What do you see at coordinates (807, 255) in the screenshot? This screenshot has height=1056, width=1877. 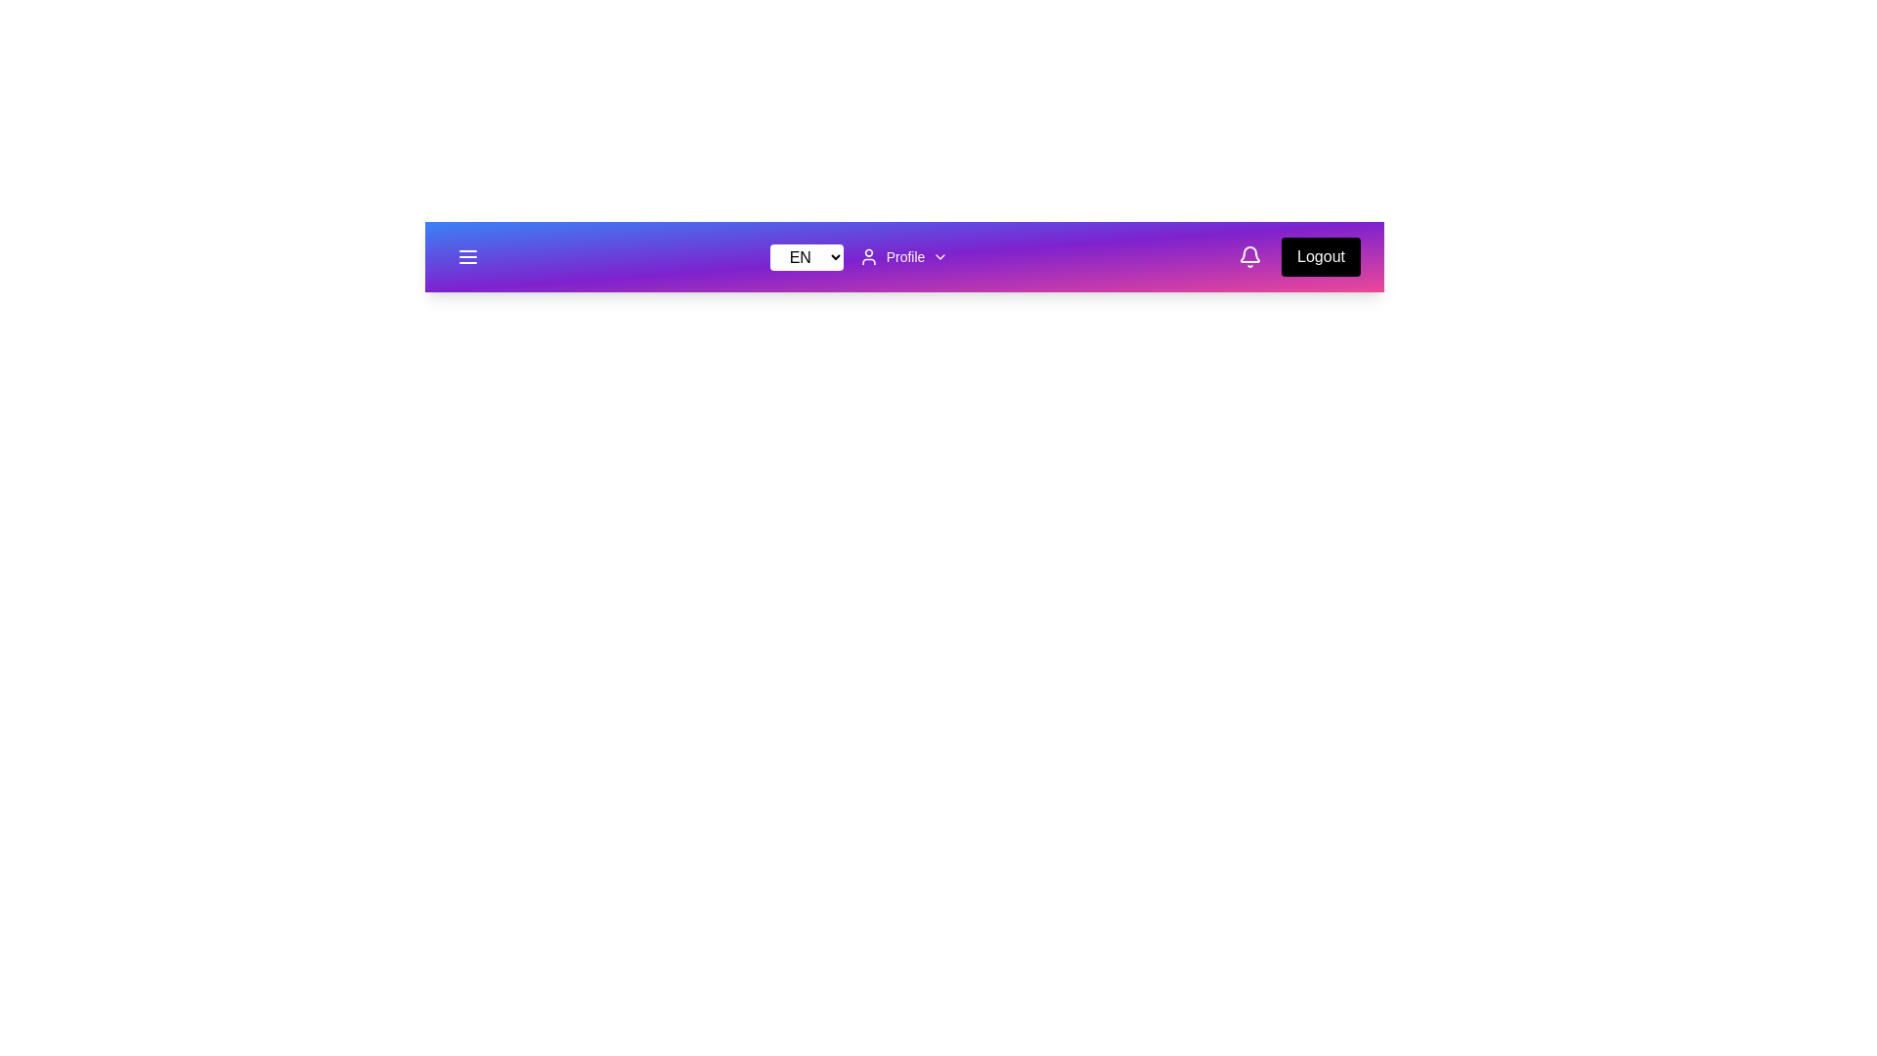 I see `the language option ES from the dropdown` at bounding box center [807, 255].